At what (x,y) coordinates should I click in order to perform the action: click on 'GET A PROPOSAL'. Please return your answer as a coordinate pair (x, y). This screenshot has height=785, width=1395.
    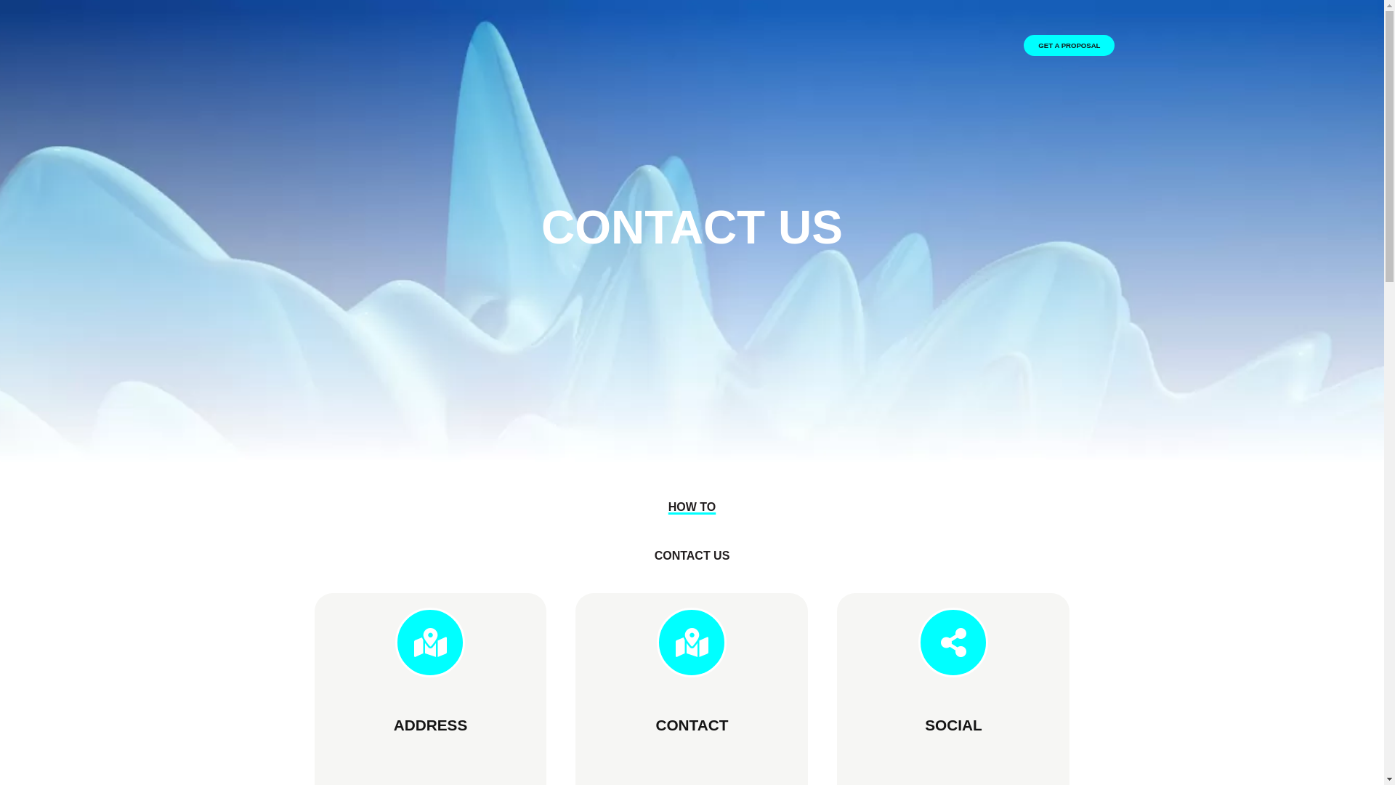
    Looking at the image, I should click on (1023, 44).